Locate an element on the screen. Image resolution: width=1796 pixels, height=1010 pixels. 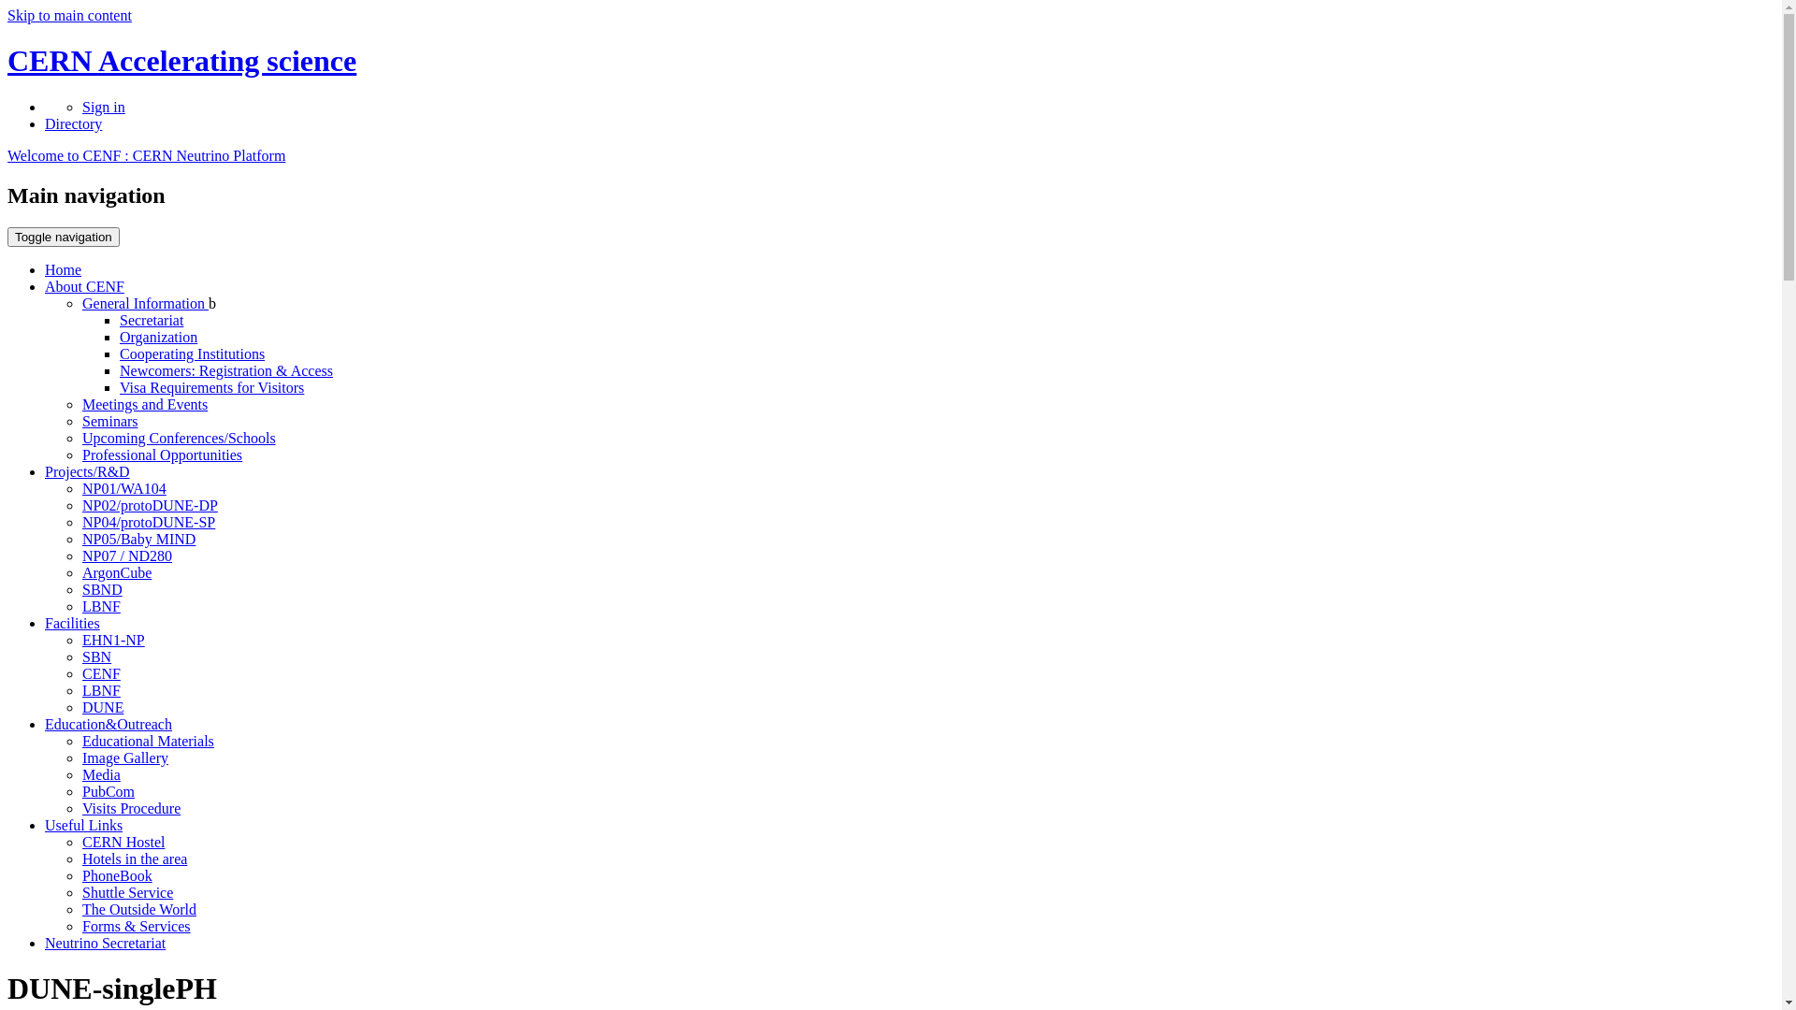
'Organization' is located at coordinates (158, 337).